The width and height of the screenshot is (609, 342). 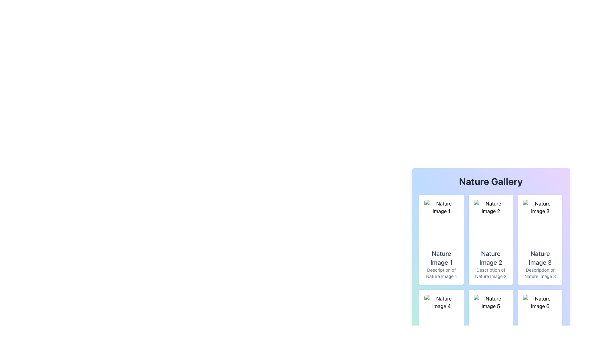 What do you see at coordinates (490, 258) in the screenshot?
I see `the text label that serves as a title for the image displayed in the card, located at the center of the second column in the first row of a grid layout` at bounding box center [490, 258].